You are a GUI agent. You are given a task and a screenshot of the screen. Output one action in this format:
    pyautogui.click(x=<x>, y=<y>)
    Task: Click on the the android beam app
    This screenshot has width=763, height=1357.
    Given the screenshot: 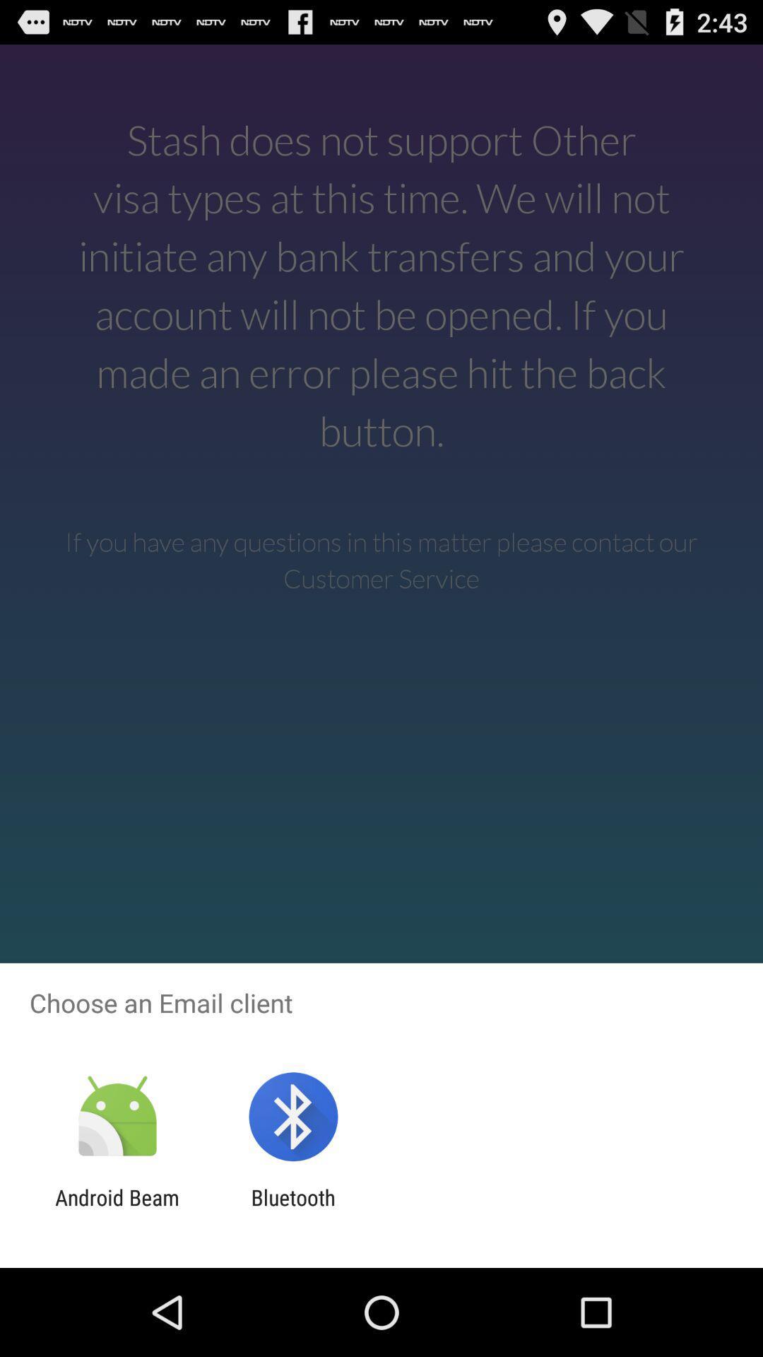 What is the action you would take?
    pyautogui.click(x=117, y=1209)
    